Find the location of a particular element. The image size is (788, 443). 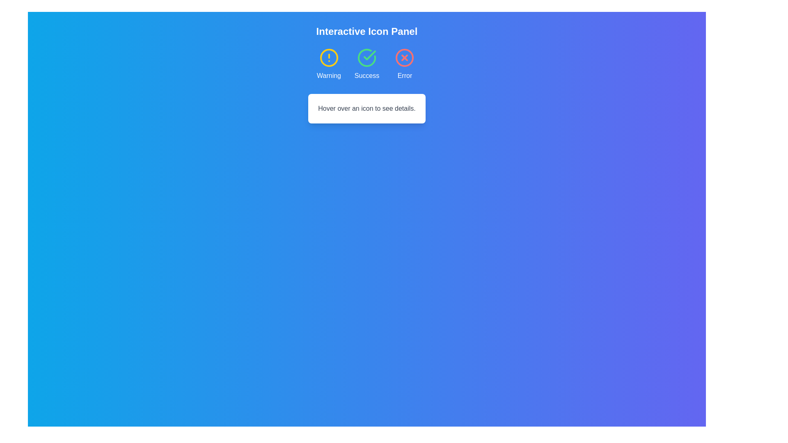

the 'Success' icon with a circular checkmark under the 'Interactive Icon Panel' is located at coordinates (366, 64).